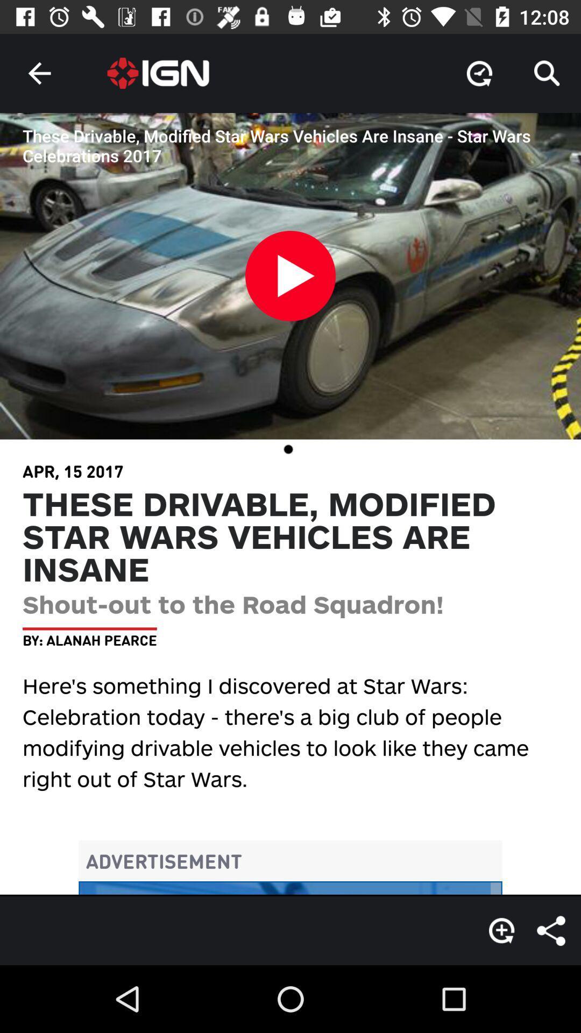 The image size is (581, 1033). Describe the element at coordinates (479, 73) in the screenshot. I see `the icon on the left side of search icon` at that location.